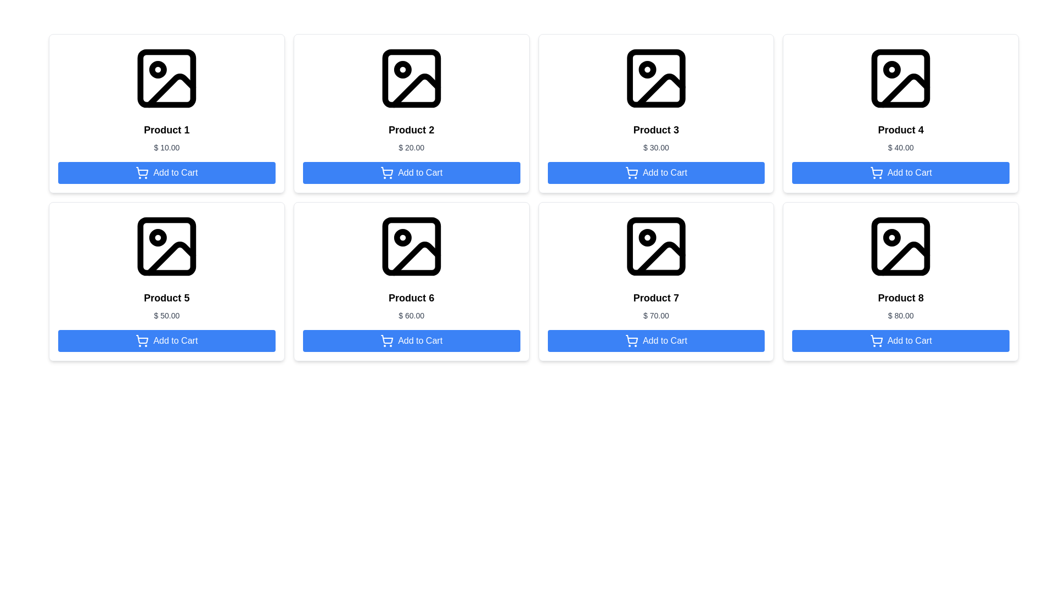 The width and height of the screenshot is (1054, 593). I want to click on the Text Label for 'Product 3', which is located in the top row, third position from the left, above the '$30.00' price text and the blue 'Add to Cart' button, so click(656, 129).